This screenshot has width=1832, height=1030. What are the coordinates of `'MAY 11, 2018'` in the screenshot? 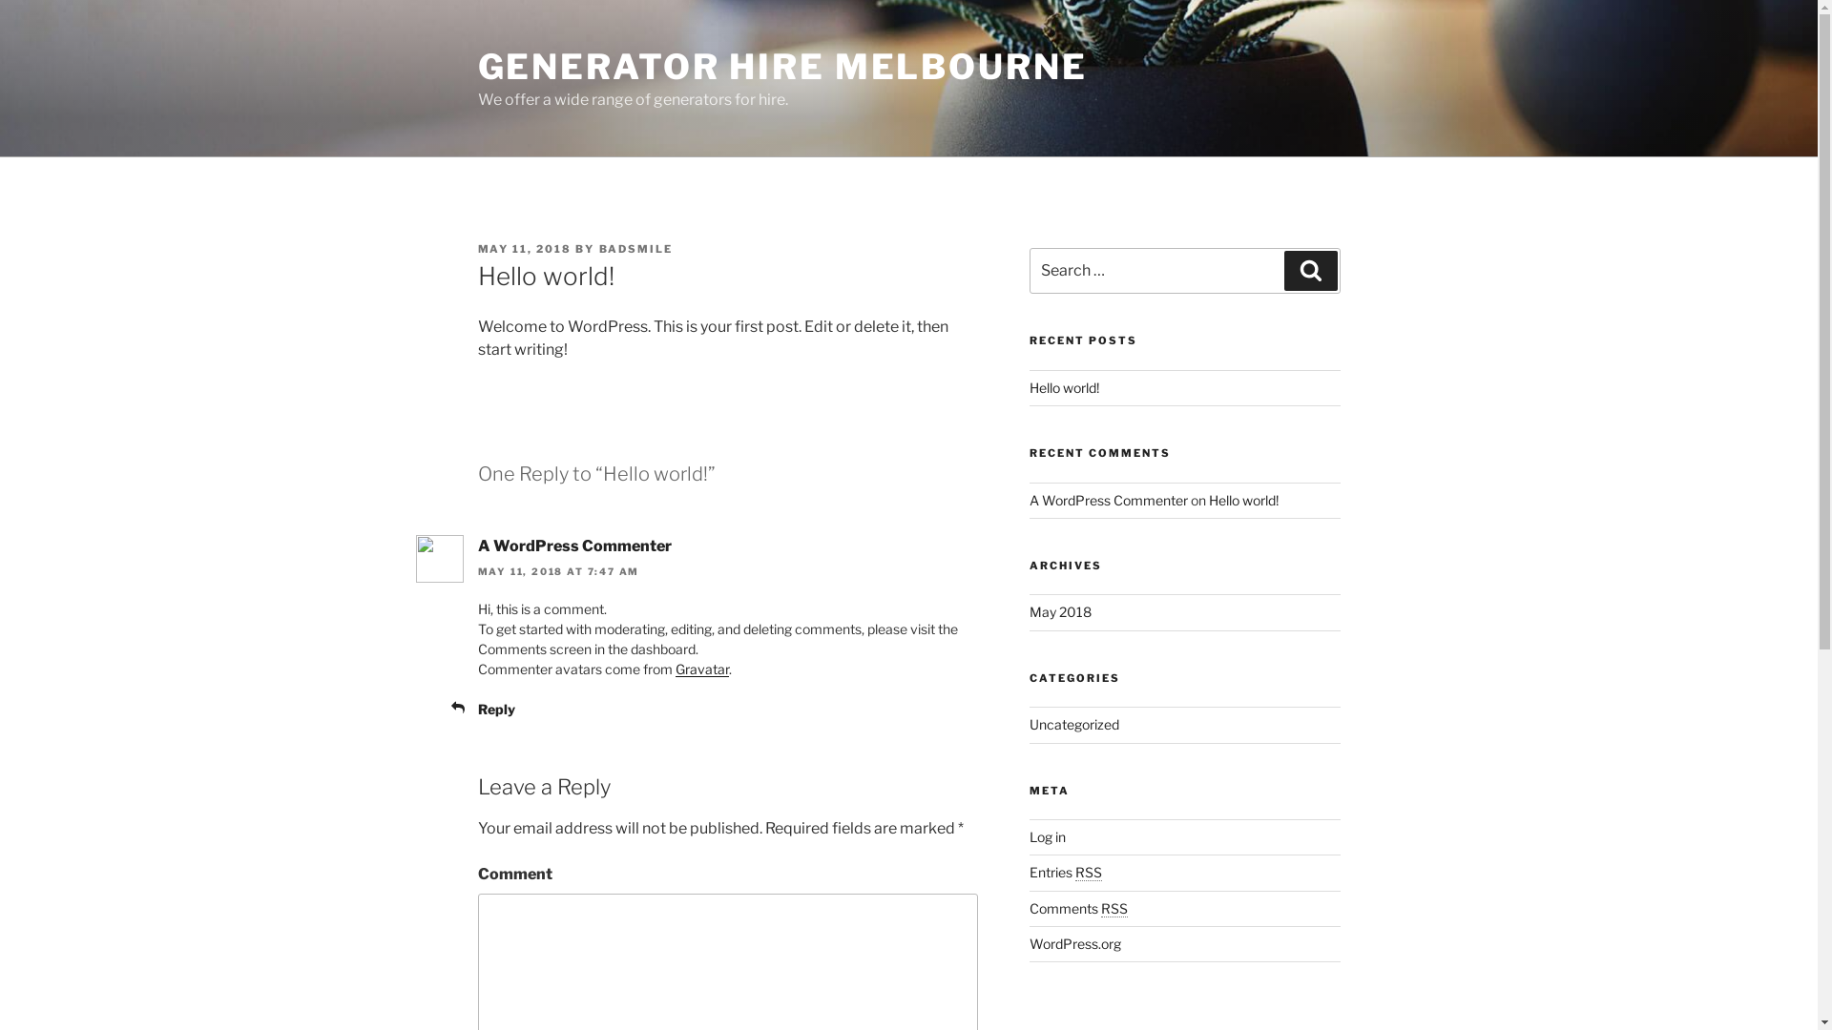 It's located at (524, 248).